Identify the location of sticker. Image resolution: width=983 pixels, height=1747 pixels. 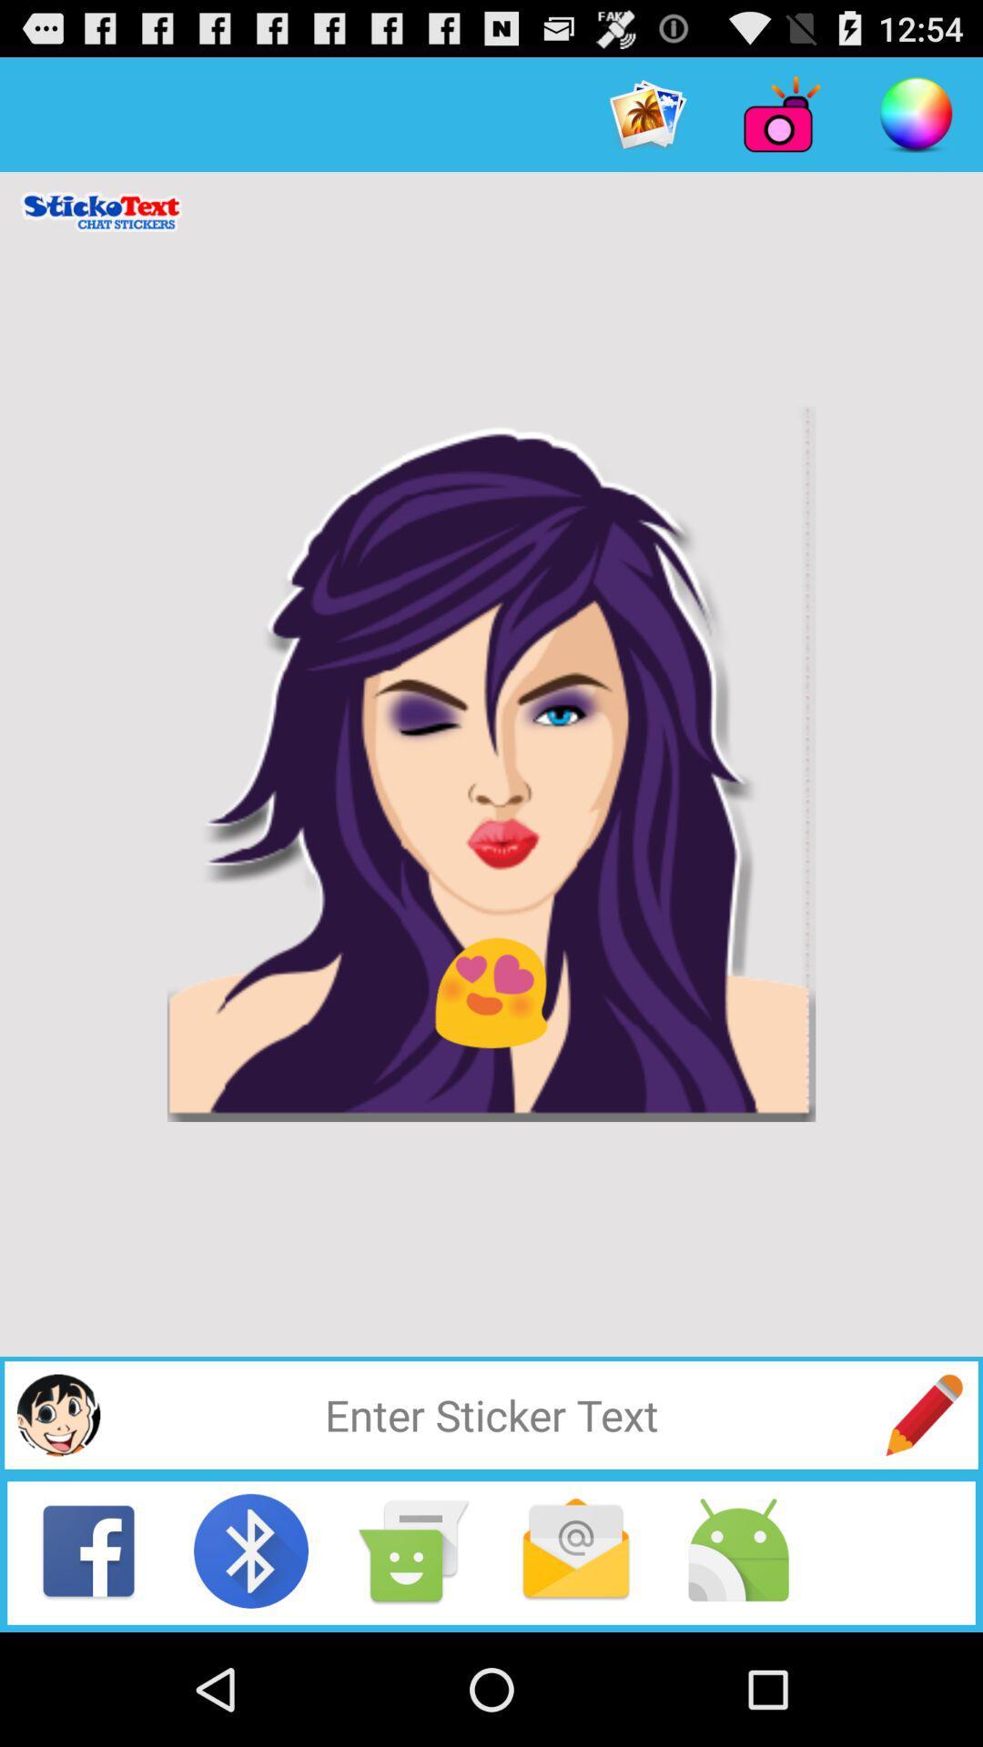
(57, 1414).